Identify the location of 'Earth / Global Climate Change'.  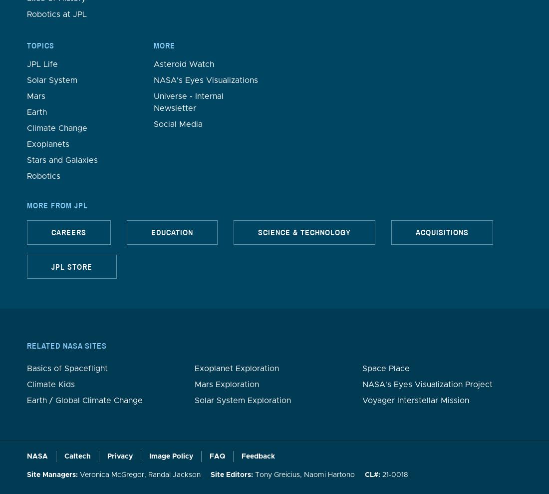
(84, 399).